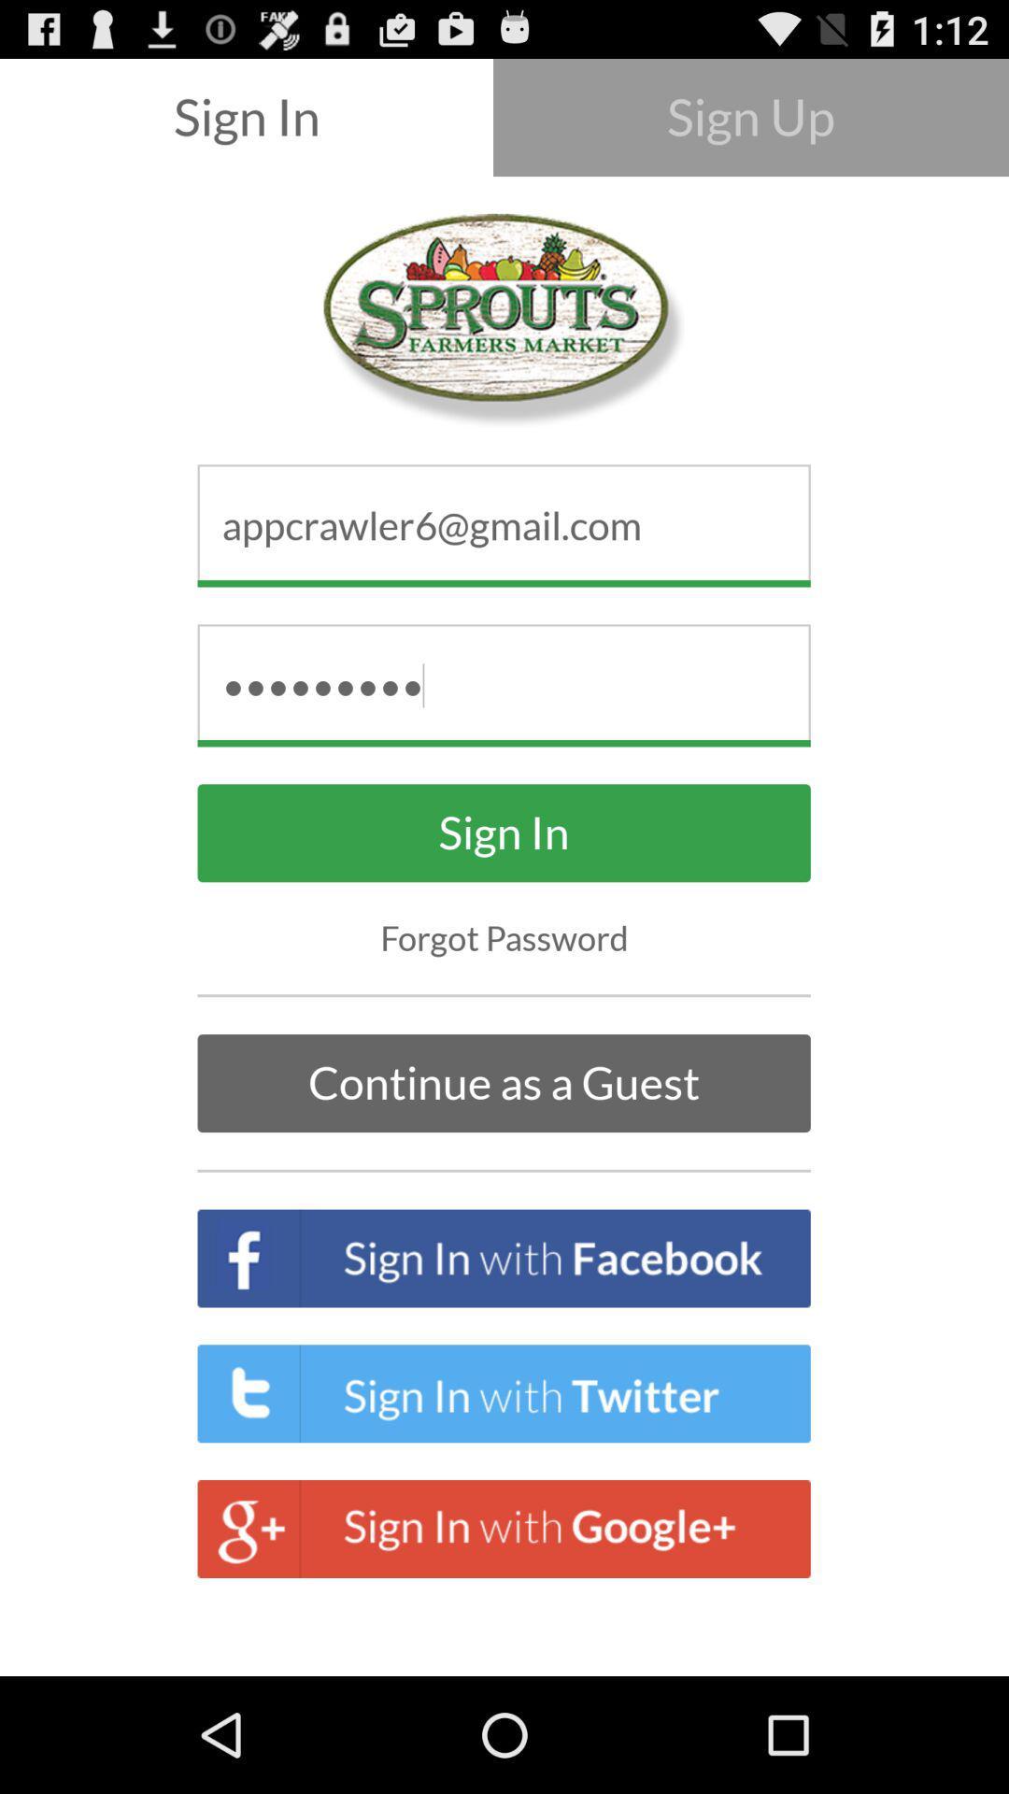 The width and height of the screenshot is (1009, 1794). I want to click on appcrawler6gmailcom, so click(504, 524).